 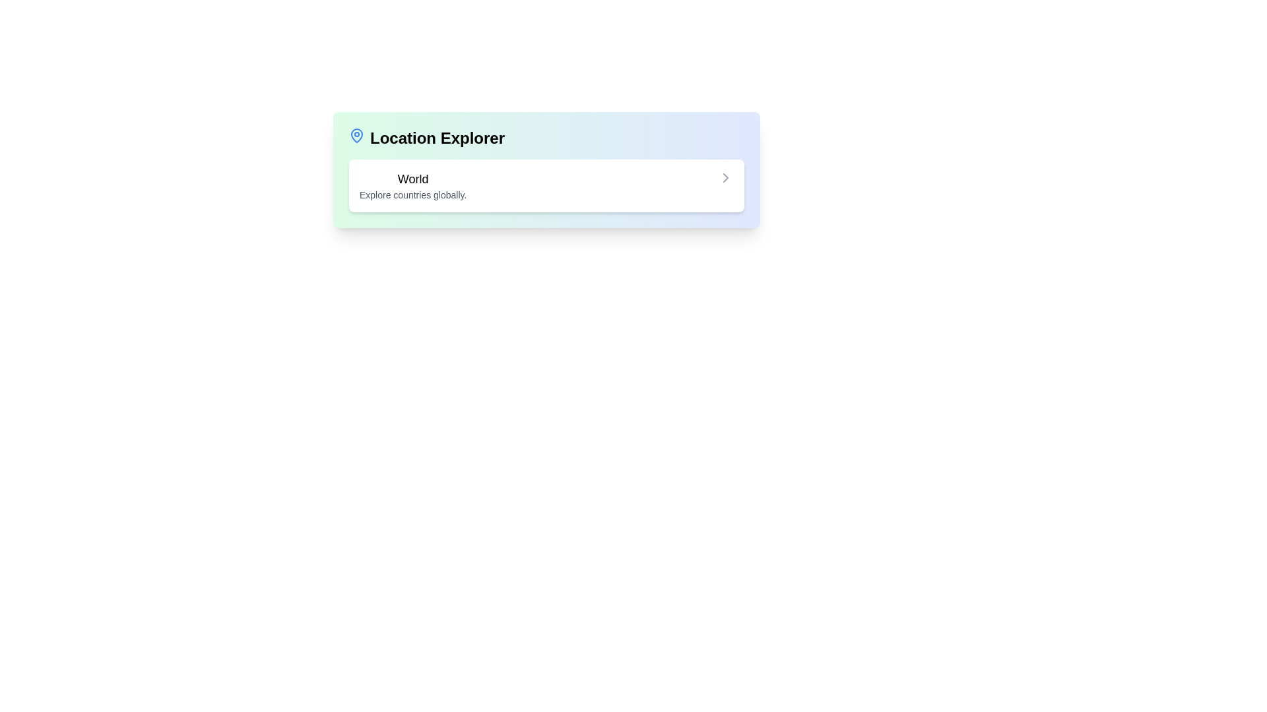 What do you see at coordinates (412, 185) in the screenshot?
I see `the text-based navigational component with the heading 'World' and subheading 'Explore countries globally.'` at bounding box center [412, 185].